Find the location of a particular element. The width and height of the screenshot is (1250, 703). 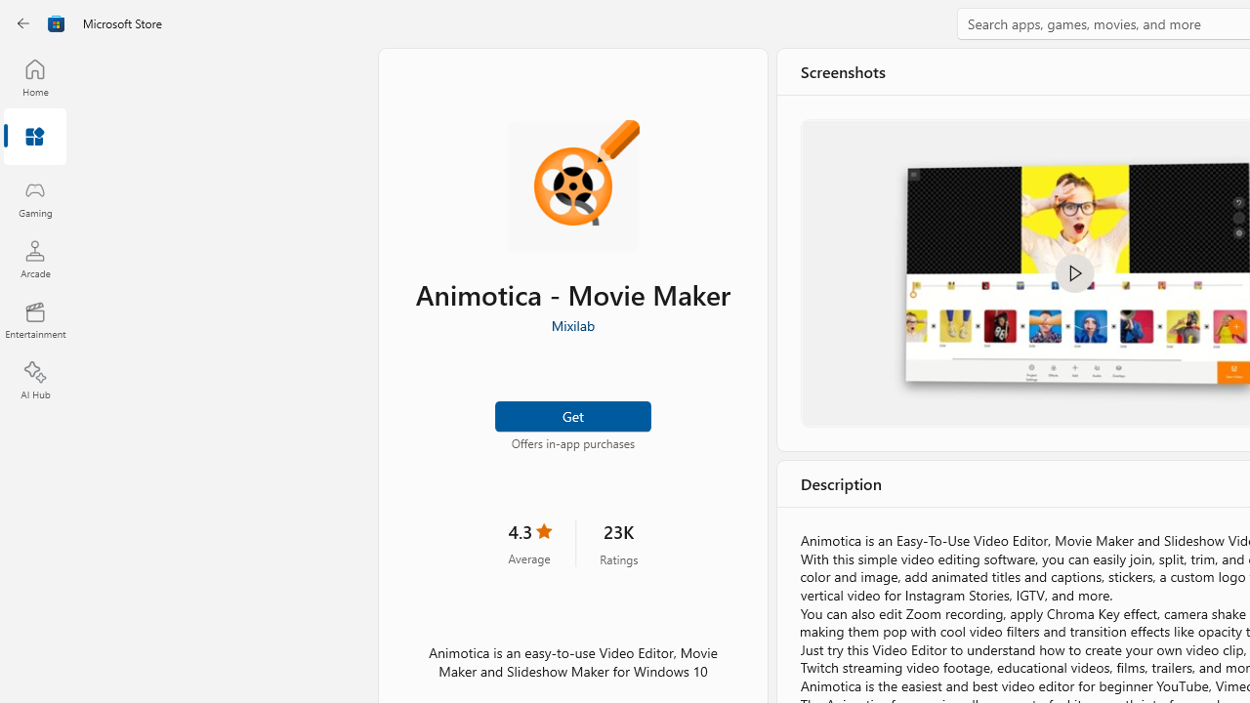

'Class: Image' is located at coordinates (57, 23).